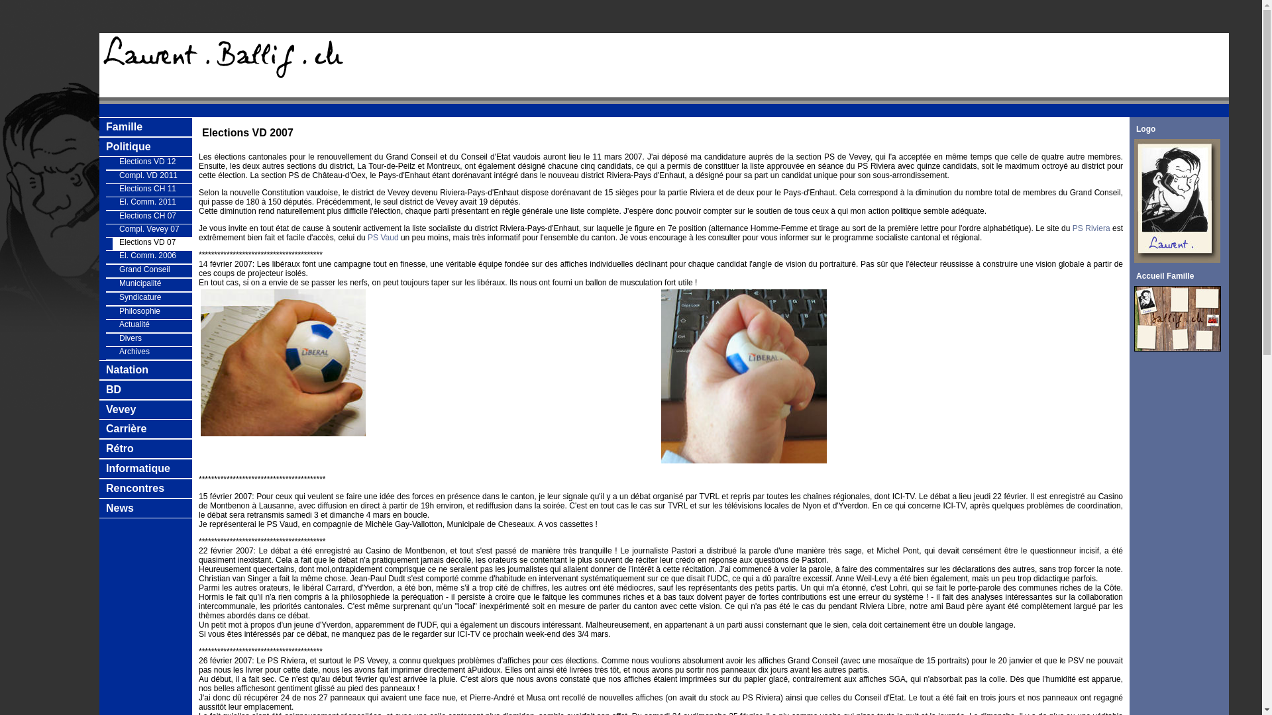  Describe the element at coordinates (119, 255) in the screenshot. I see `'El. Comm. 2006'` at that location.